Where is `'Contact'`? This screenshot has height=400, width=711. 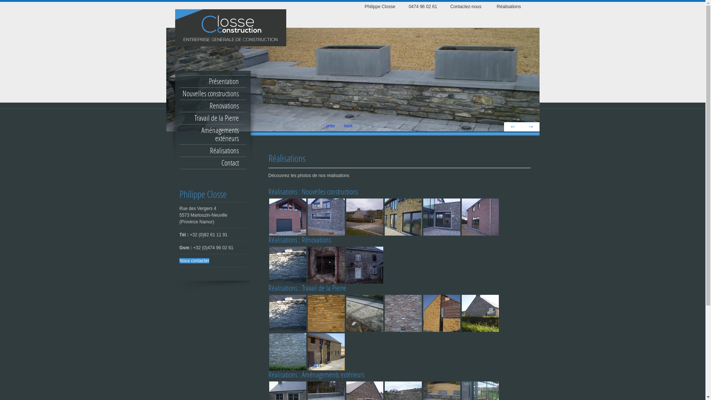
'Contact' is located at coordinates (212, 162).